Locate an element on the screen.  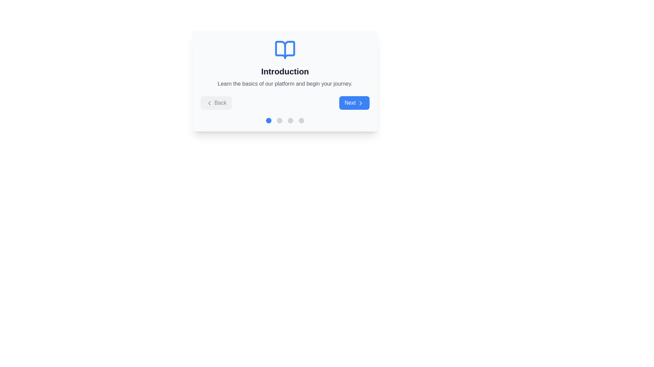
the text element styled in light-gray font that provides a description below the title 'Introduction', which contains the text: 'Learn the basics of our platform and begin your journey.' is located at coordinates (285, 83).